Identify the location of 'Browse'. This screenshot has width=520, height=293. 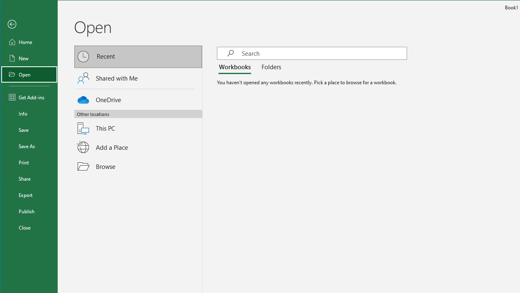
(139, 166).